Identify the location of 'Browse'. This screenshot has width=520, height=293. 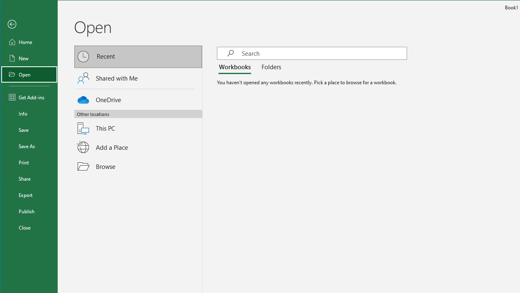
(139, 166).